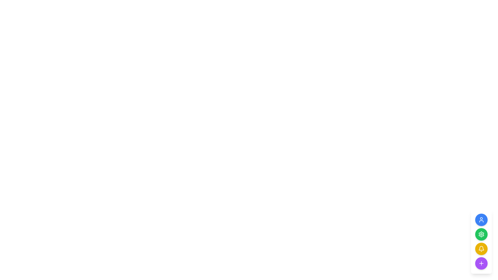 The height and width of the screenshot is (280, 498). I want to click on the user avatar icon within the blue circular button to observe any tooltip or hover effects, so click(481, 220).